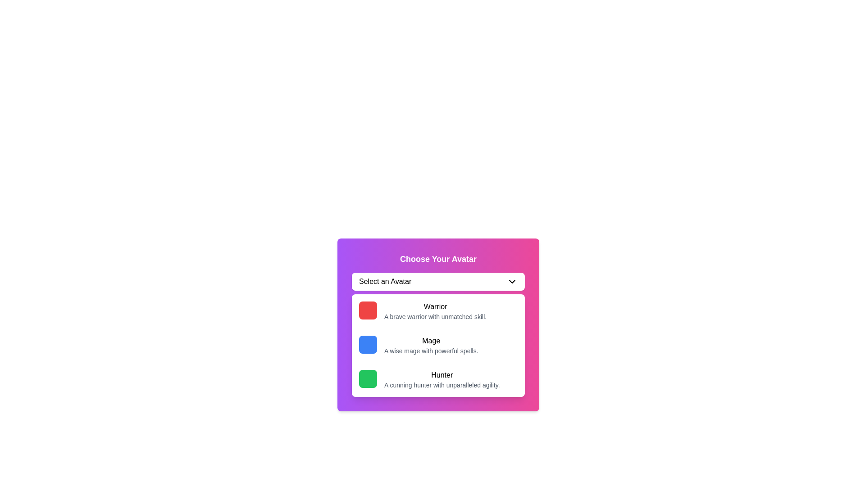 The image size is (865, 486). Describe the element at coordinates (438, 380) in the screenshot. I see `the selectable list item representing the 'Hunter' character` at that location.